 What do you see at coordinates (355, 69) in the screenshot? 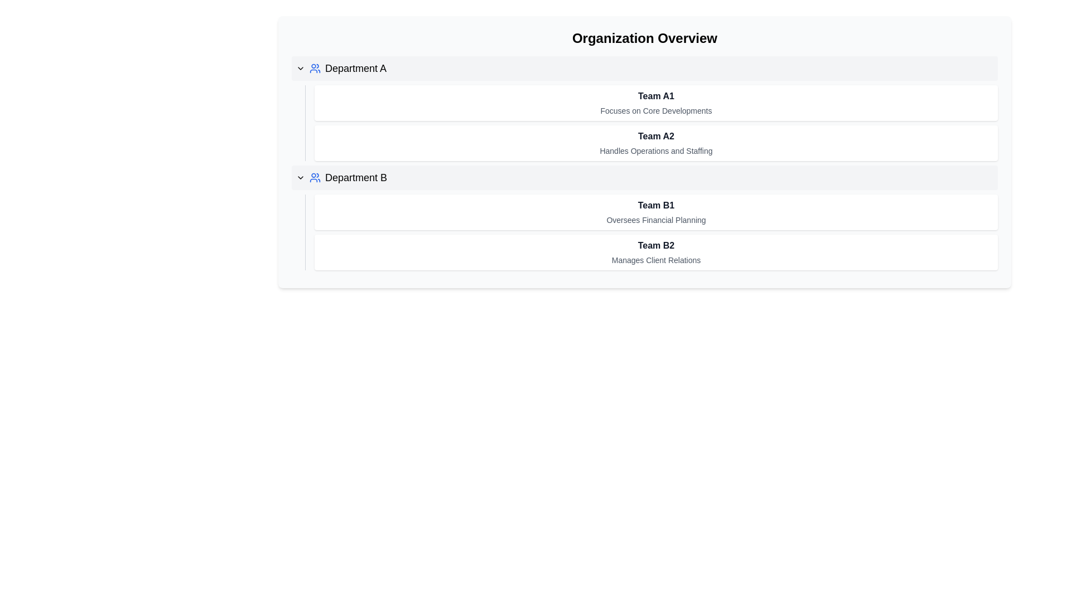
I see `text label that identifies the 'Department A' section, located at the center coordinates of the element` at bounding box center [355, 69].